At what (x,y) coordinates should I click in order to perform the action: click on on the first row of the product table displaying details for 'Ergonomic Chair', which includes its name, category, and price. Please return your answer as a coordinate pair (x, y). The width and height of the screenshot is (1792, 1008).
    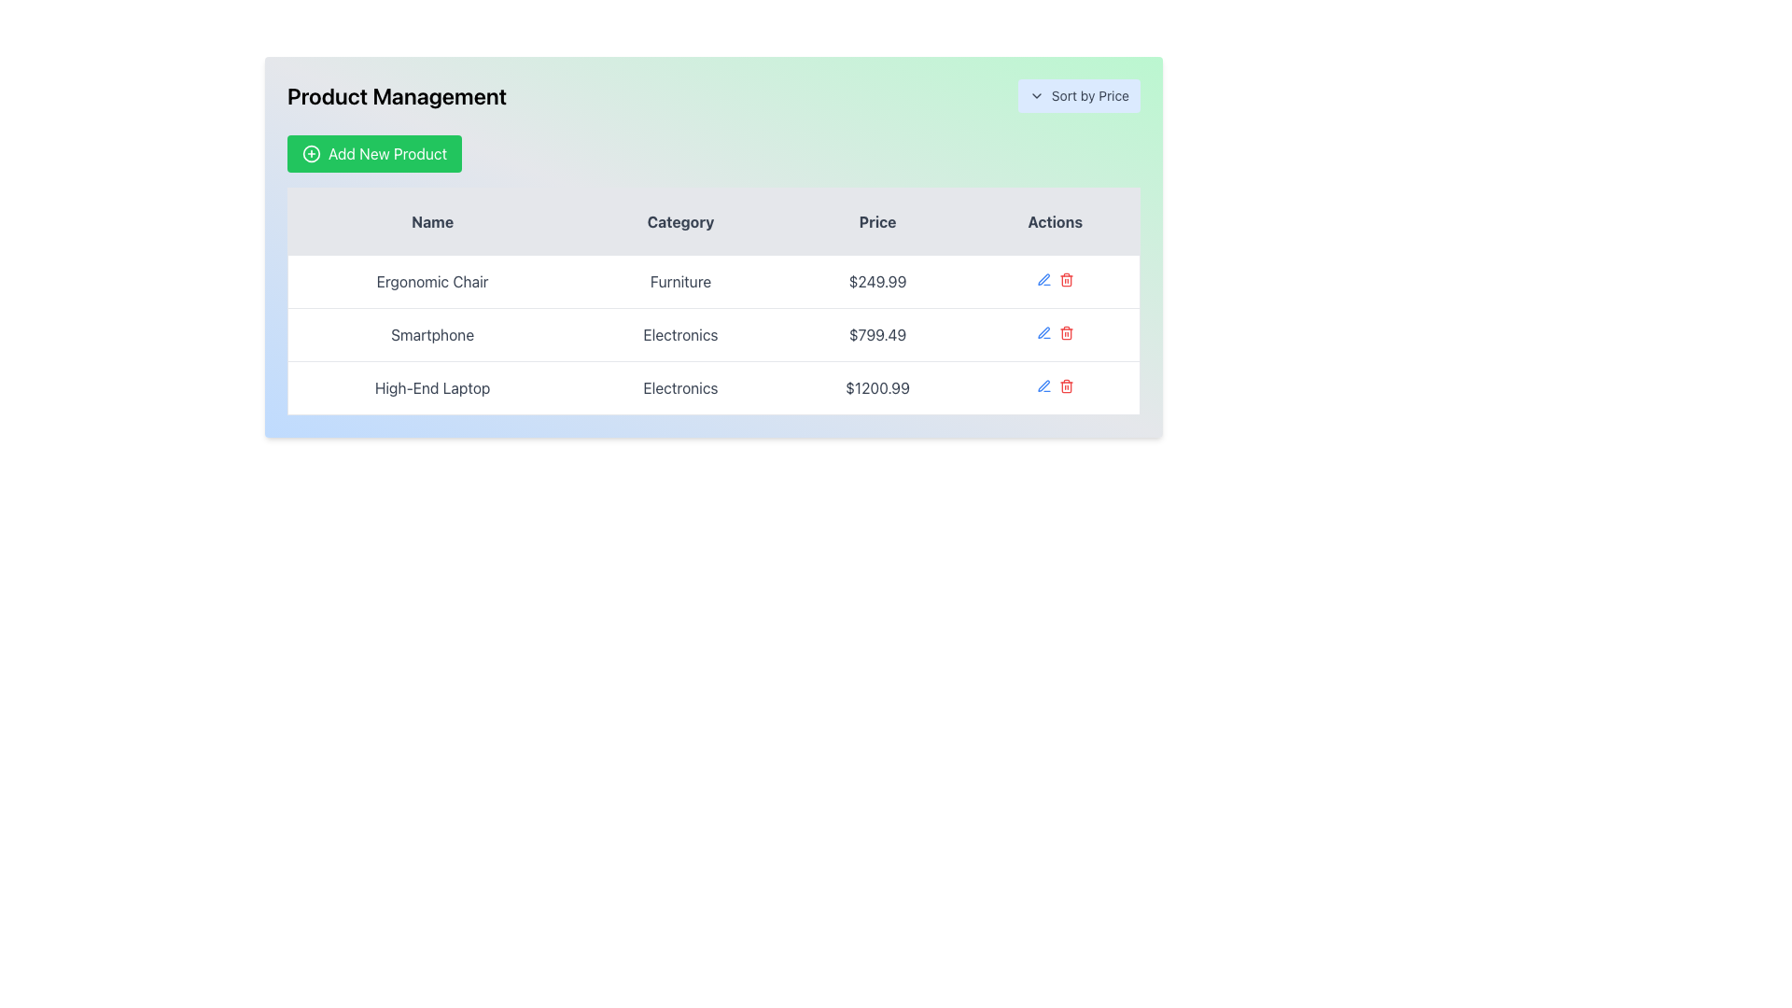
    Looking at the image, I should click on (712, 281).